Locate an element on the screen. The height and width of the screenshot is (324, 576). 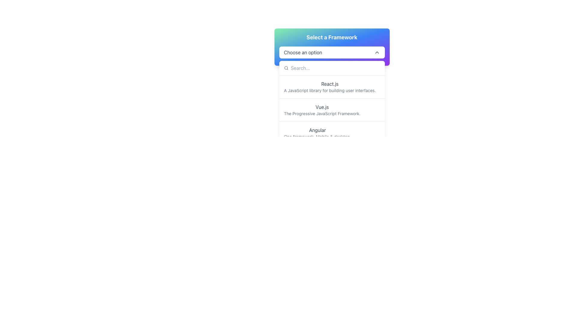
text displayed in the Text Display element that shows 'Angular' and its description 'One framework. Mobile & desktop.' is located at coordinates (317, 133).